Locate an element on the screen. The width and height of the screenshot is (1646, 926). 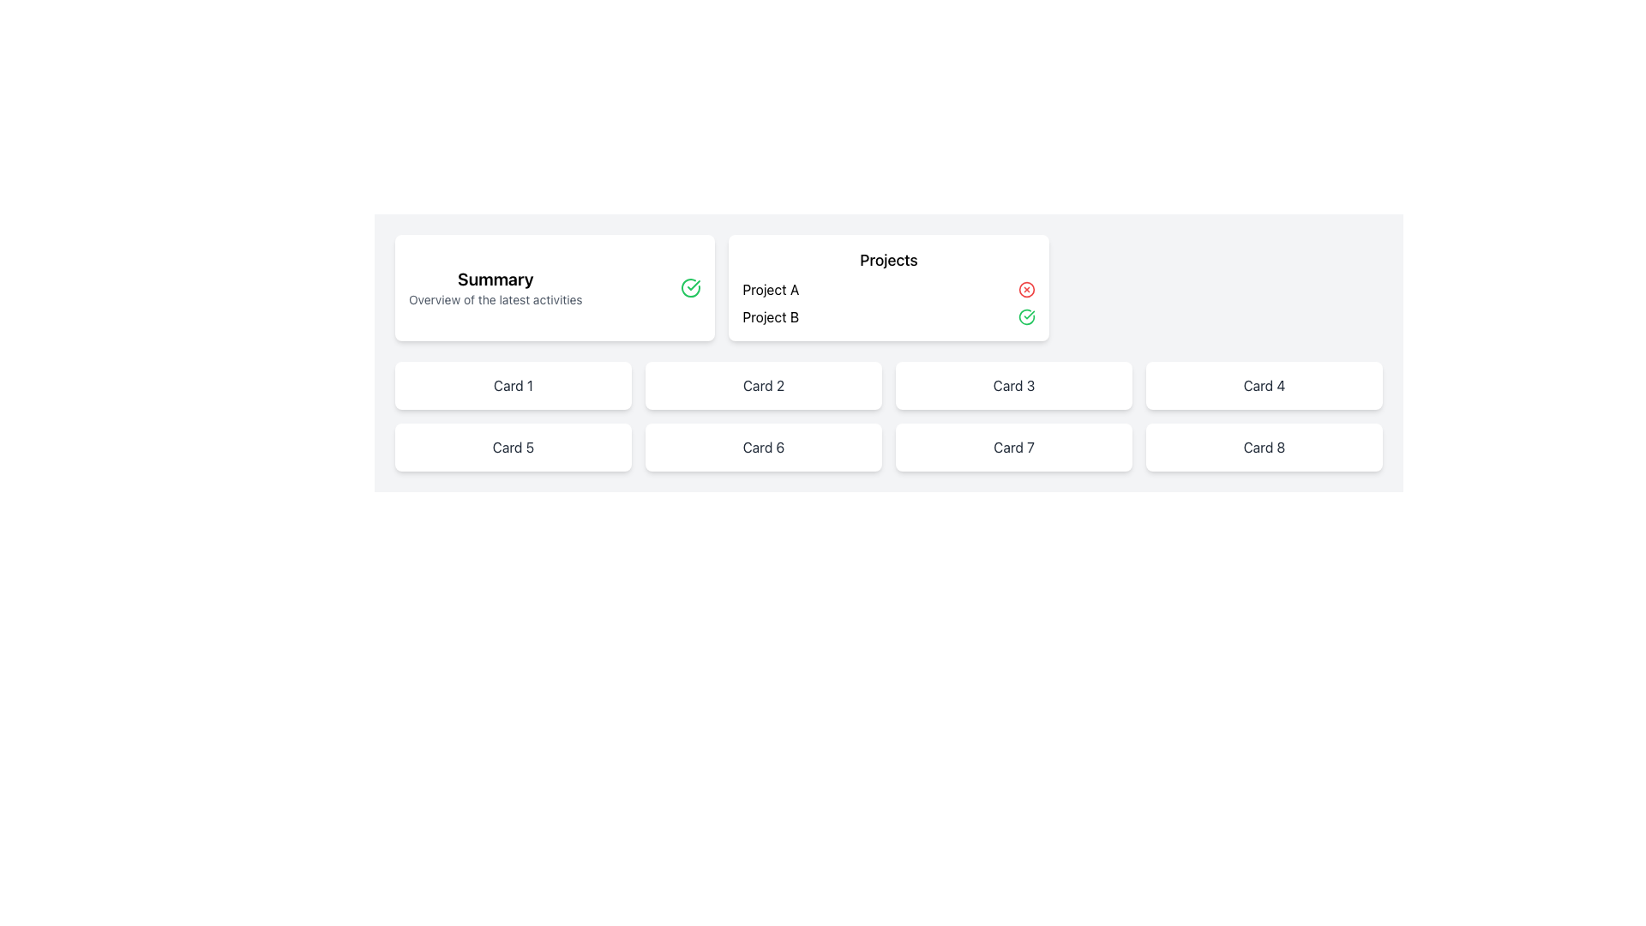
the main heading text label located at the top-left of the card, which summarizes the content above the 'Overview of the latest activities' text is located at coordinates (495, 279).